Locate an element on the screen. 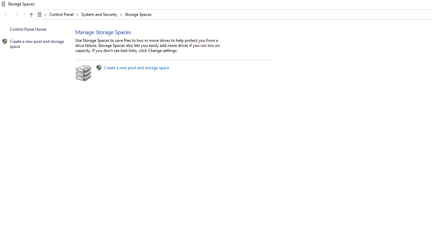 This screenshot has height=243, width=432. 'System and Security' is located at coordinates (101, 14).